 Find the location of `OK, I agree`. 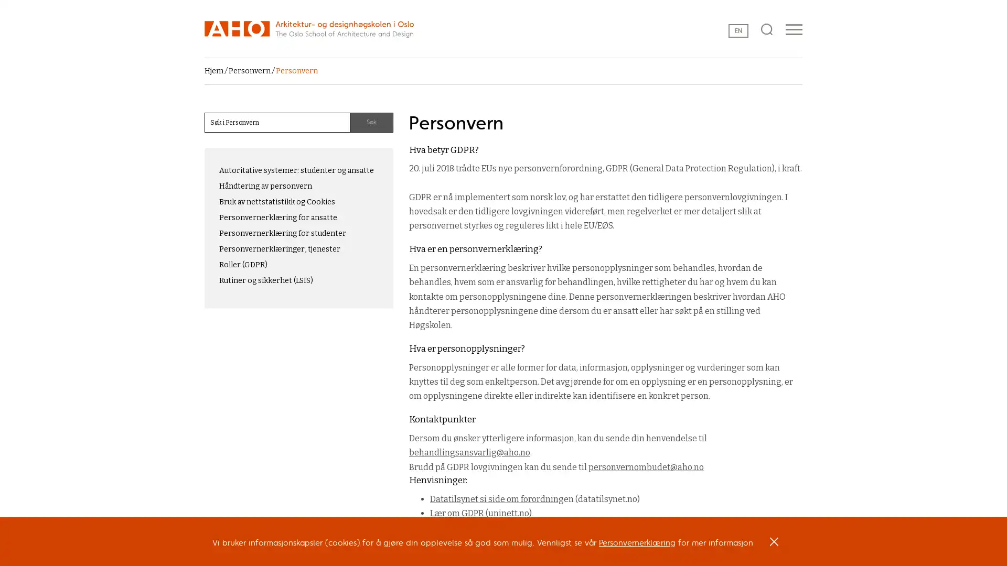

OK, I agree is located at coordinates (774, 545).